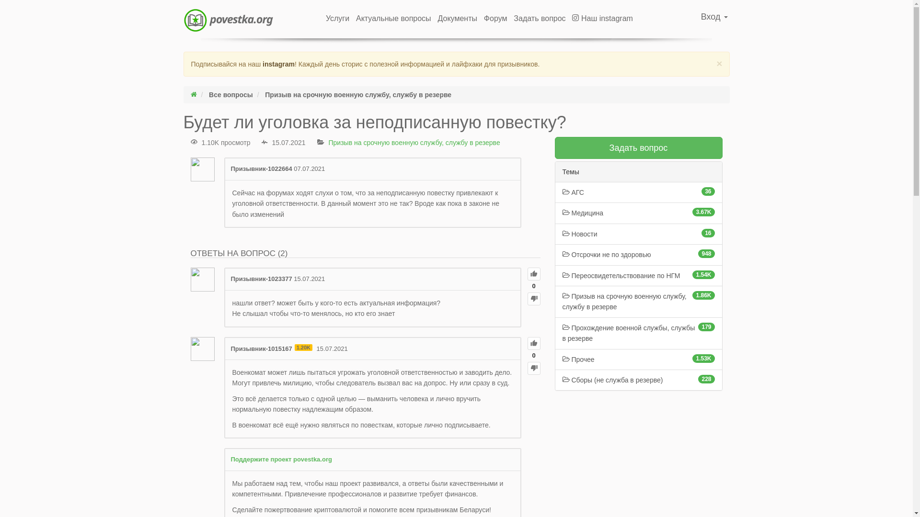 This screenshot has height=517, width=920. I want to click on 'instagram', so click(278, 64).